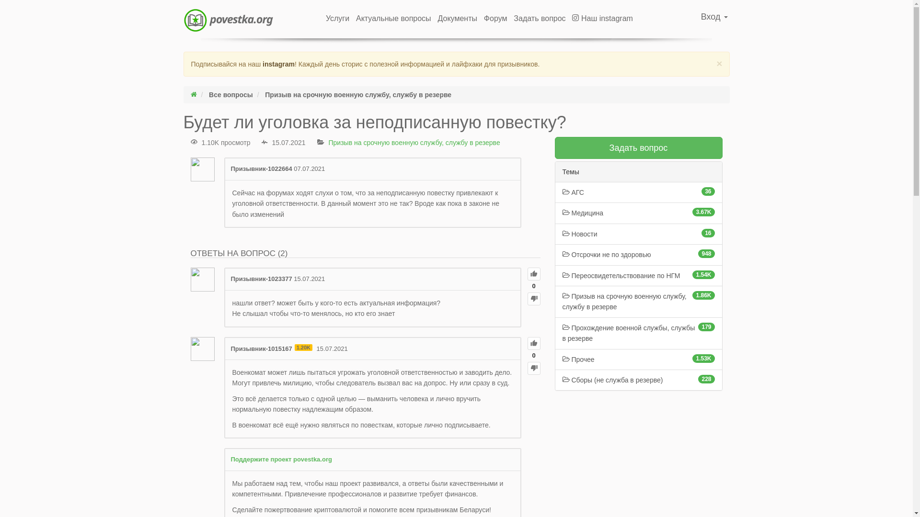 This screenshot has height=517, width=920. I want to click on 'instagram', so click(278, 64).